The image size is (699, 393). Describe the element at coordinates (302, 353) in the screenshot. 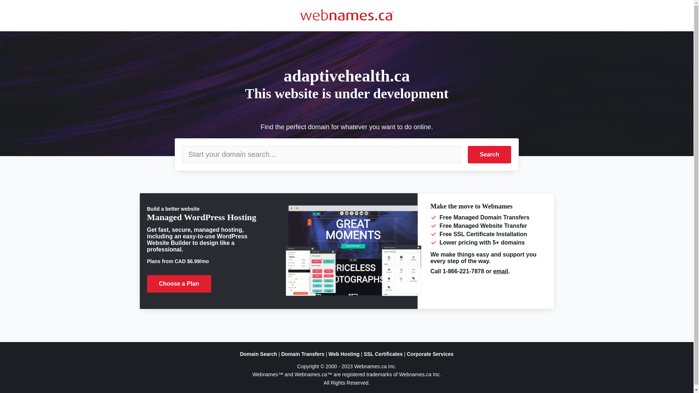

I see `'Domain Transfers'` at that location.